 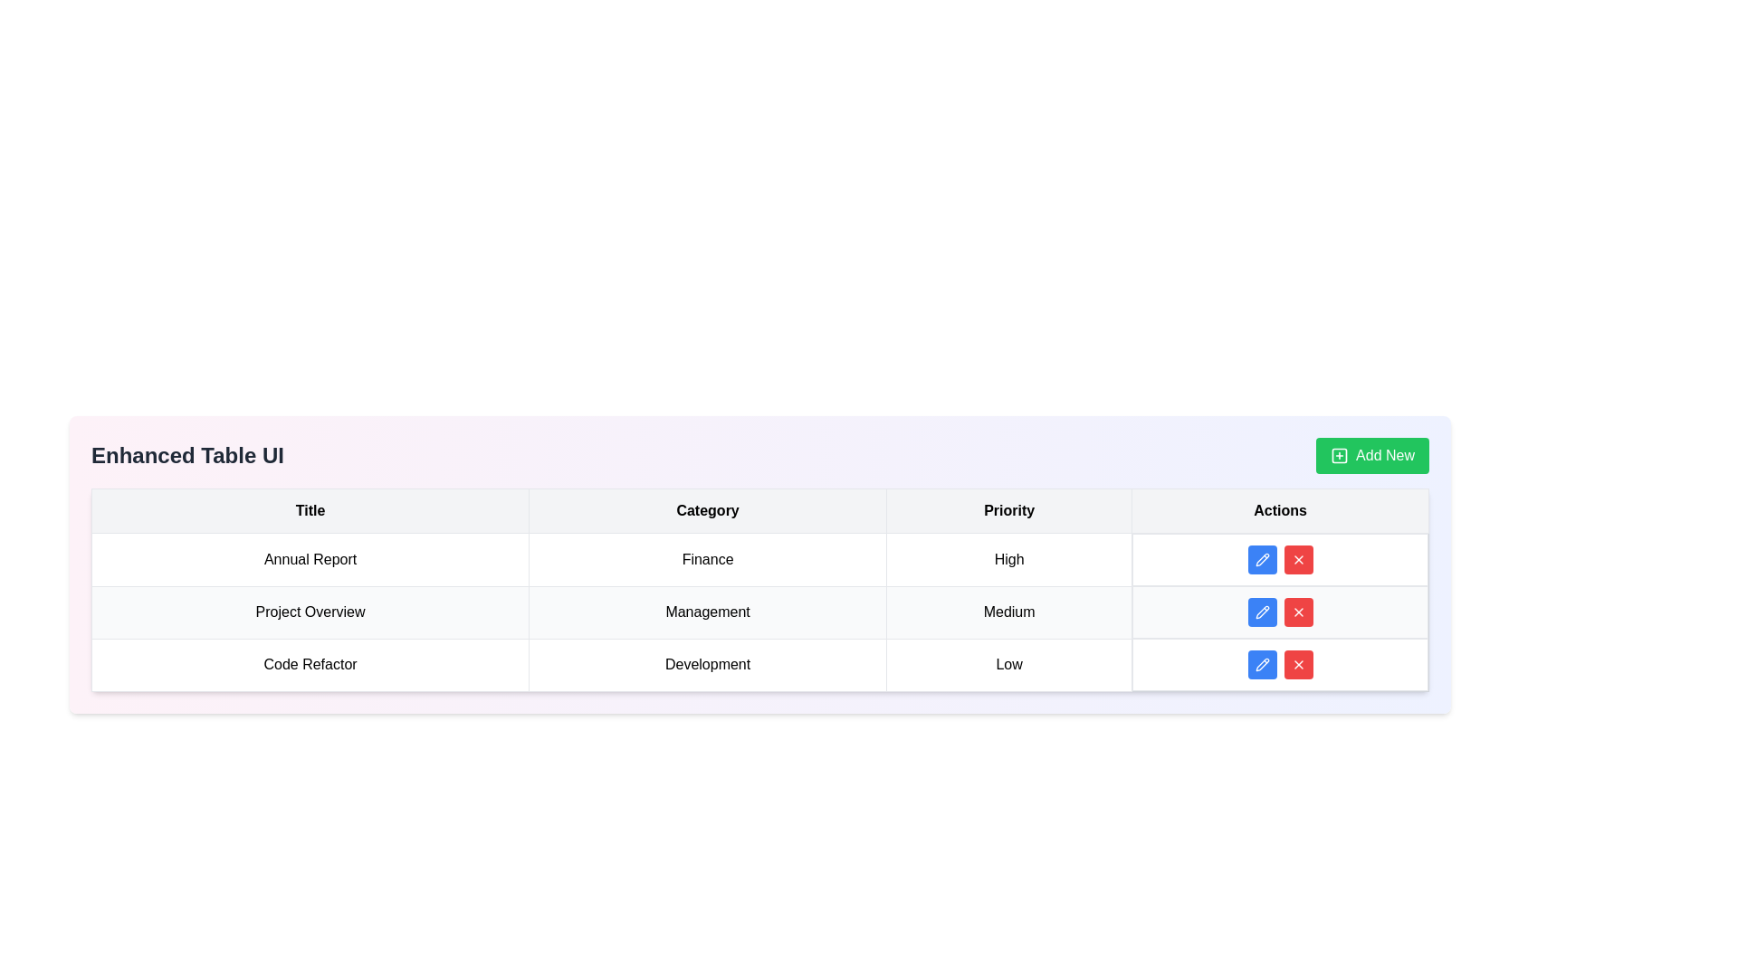 What do you see at coordinates (1297, 558) in the screenshot?
I see `the third button in the 'Actions' column of the table corresponding to 'Priority: High'` at bounding box center [1297, 558].